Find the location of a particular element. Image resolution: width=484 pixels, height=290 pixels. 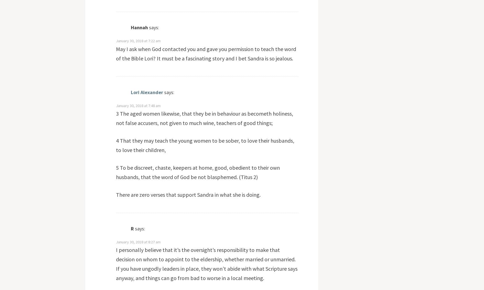

'4 That they may teach the young women to be sober, to love their husbands, to love their children,' is located at coordinates (115, 145).